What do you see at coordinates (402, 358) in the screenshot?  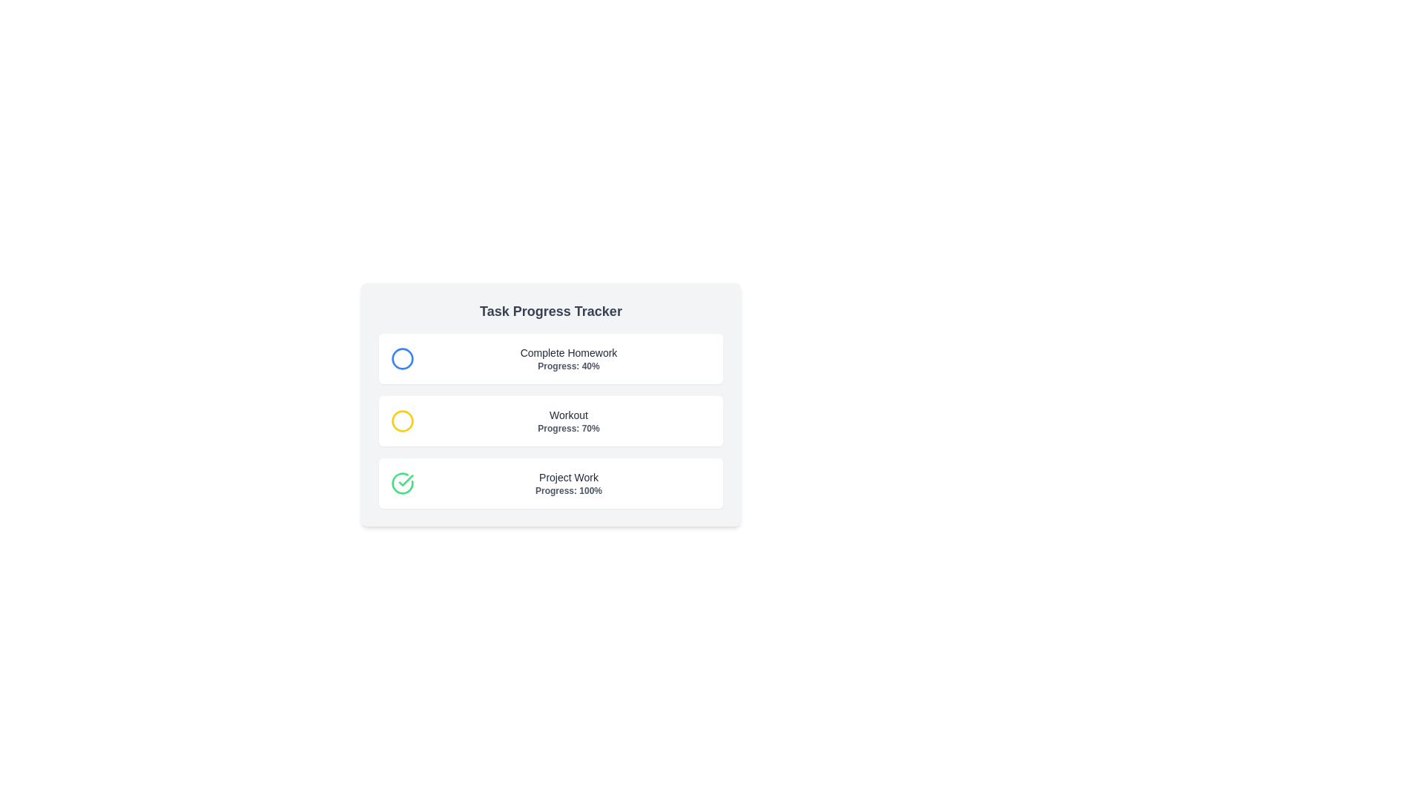 I see `the graphic icon representing the 'Complete Homework' task located on the left side of the text content` at bounding box center [402, 358].